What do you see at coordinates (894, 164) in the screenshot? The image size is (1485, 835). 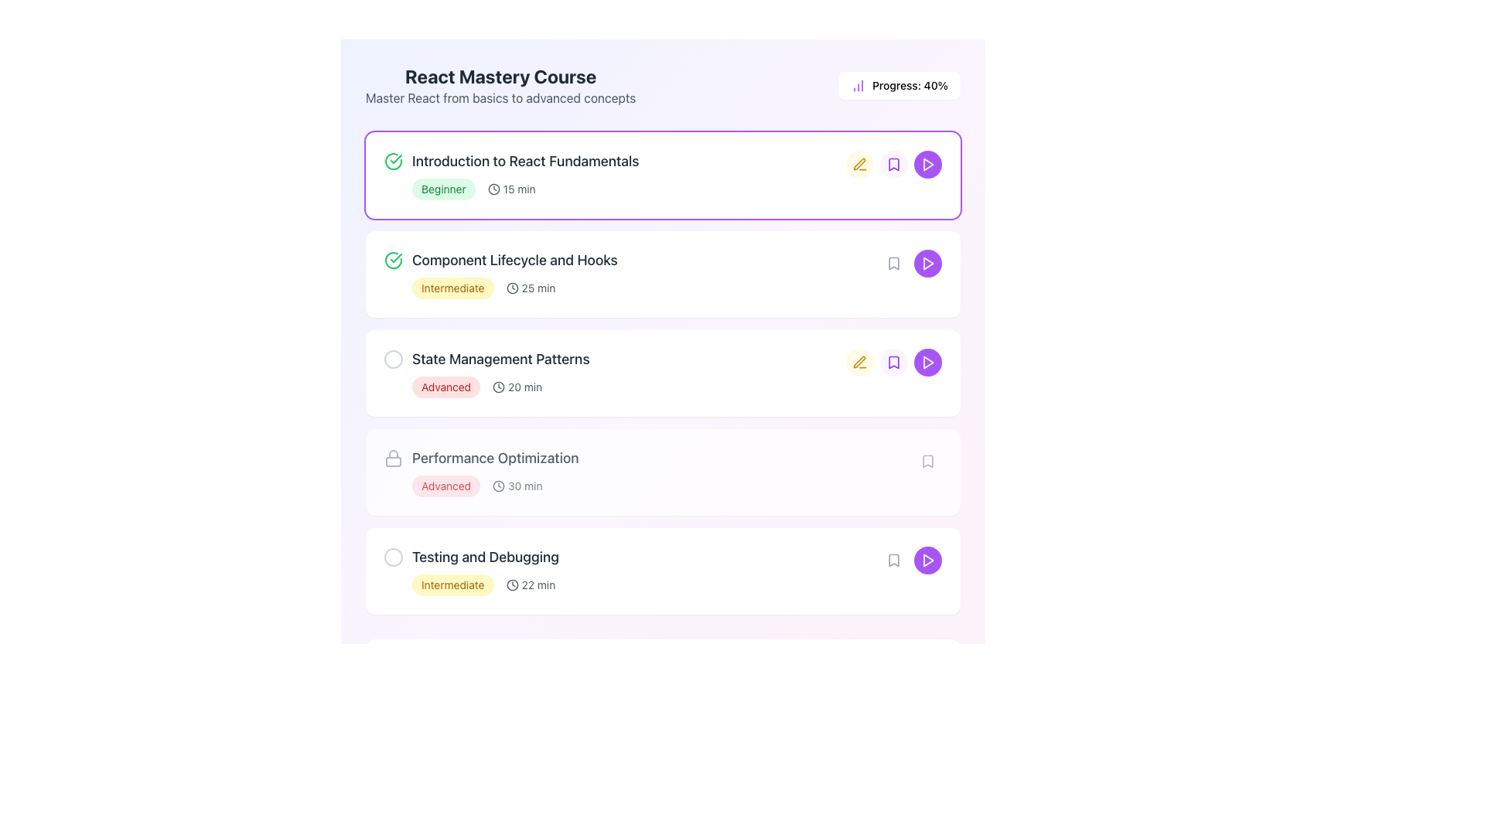 I see `the circular button with a purple background and a white bookmark icon to bookmark the course 'Introduction to React Fundamentals.'` at bounding box center [894, 164].